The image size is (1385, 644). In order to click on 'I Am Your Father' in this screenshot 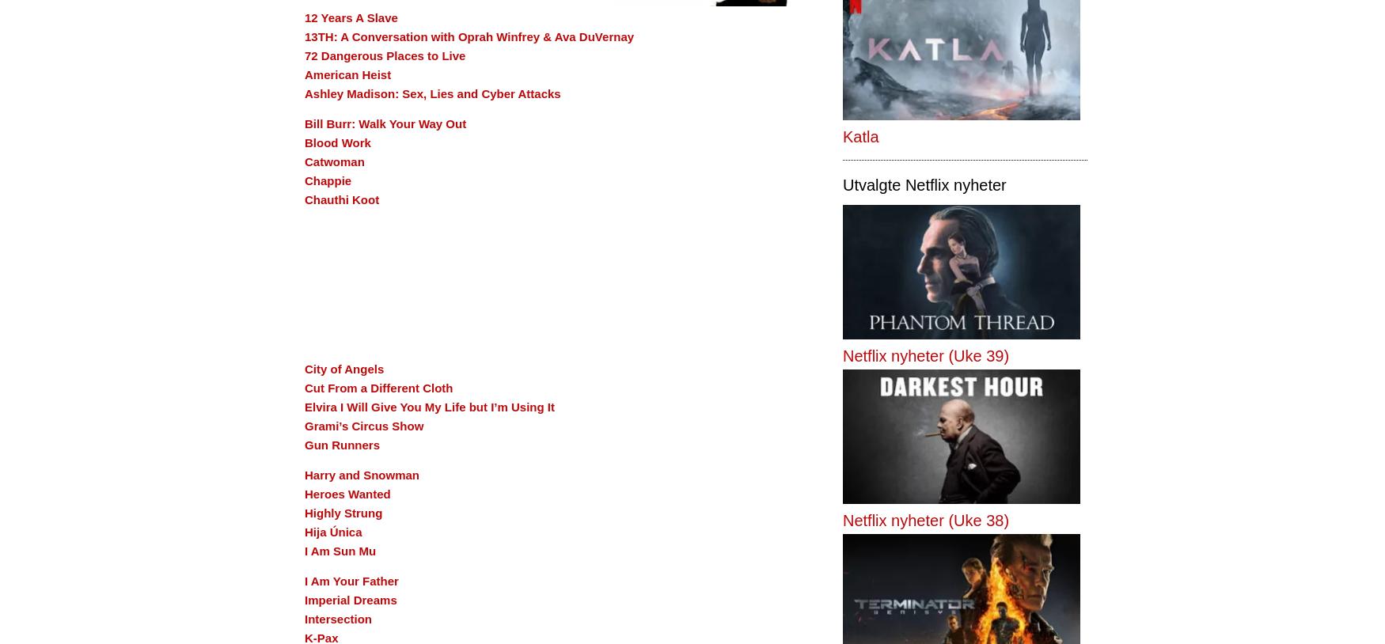, I will do `click(351, 581)`.